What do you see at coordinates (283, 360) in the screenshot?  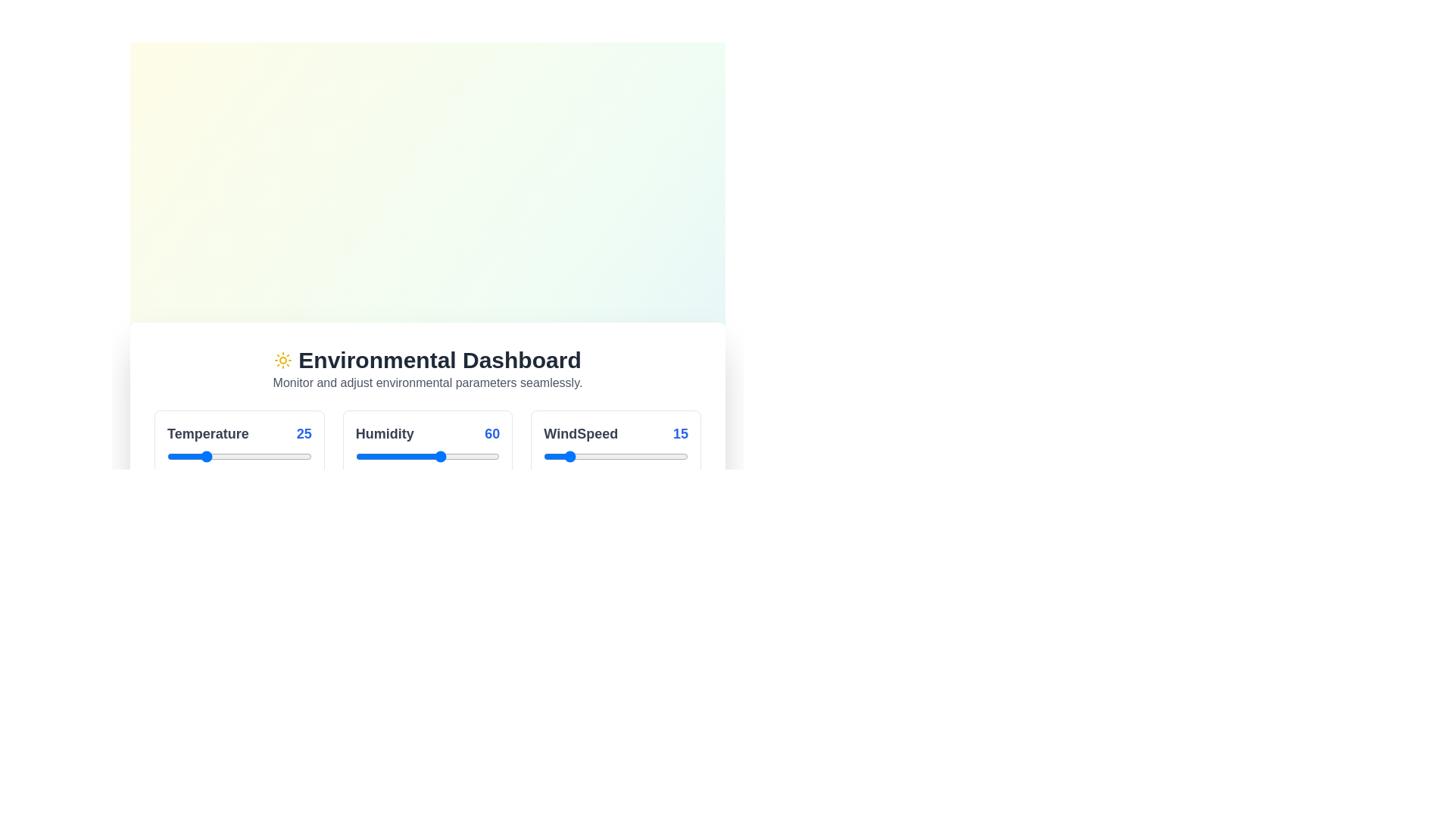 I see `the sun icon located to the left of the 'Environmental Dashboard' text, which represents the environmental monitoring context` at bounding box center [283, 360].